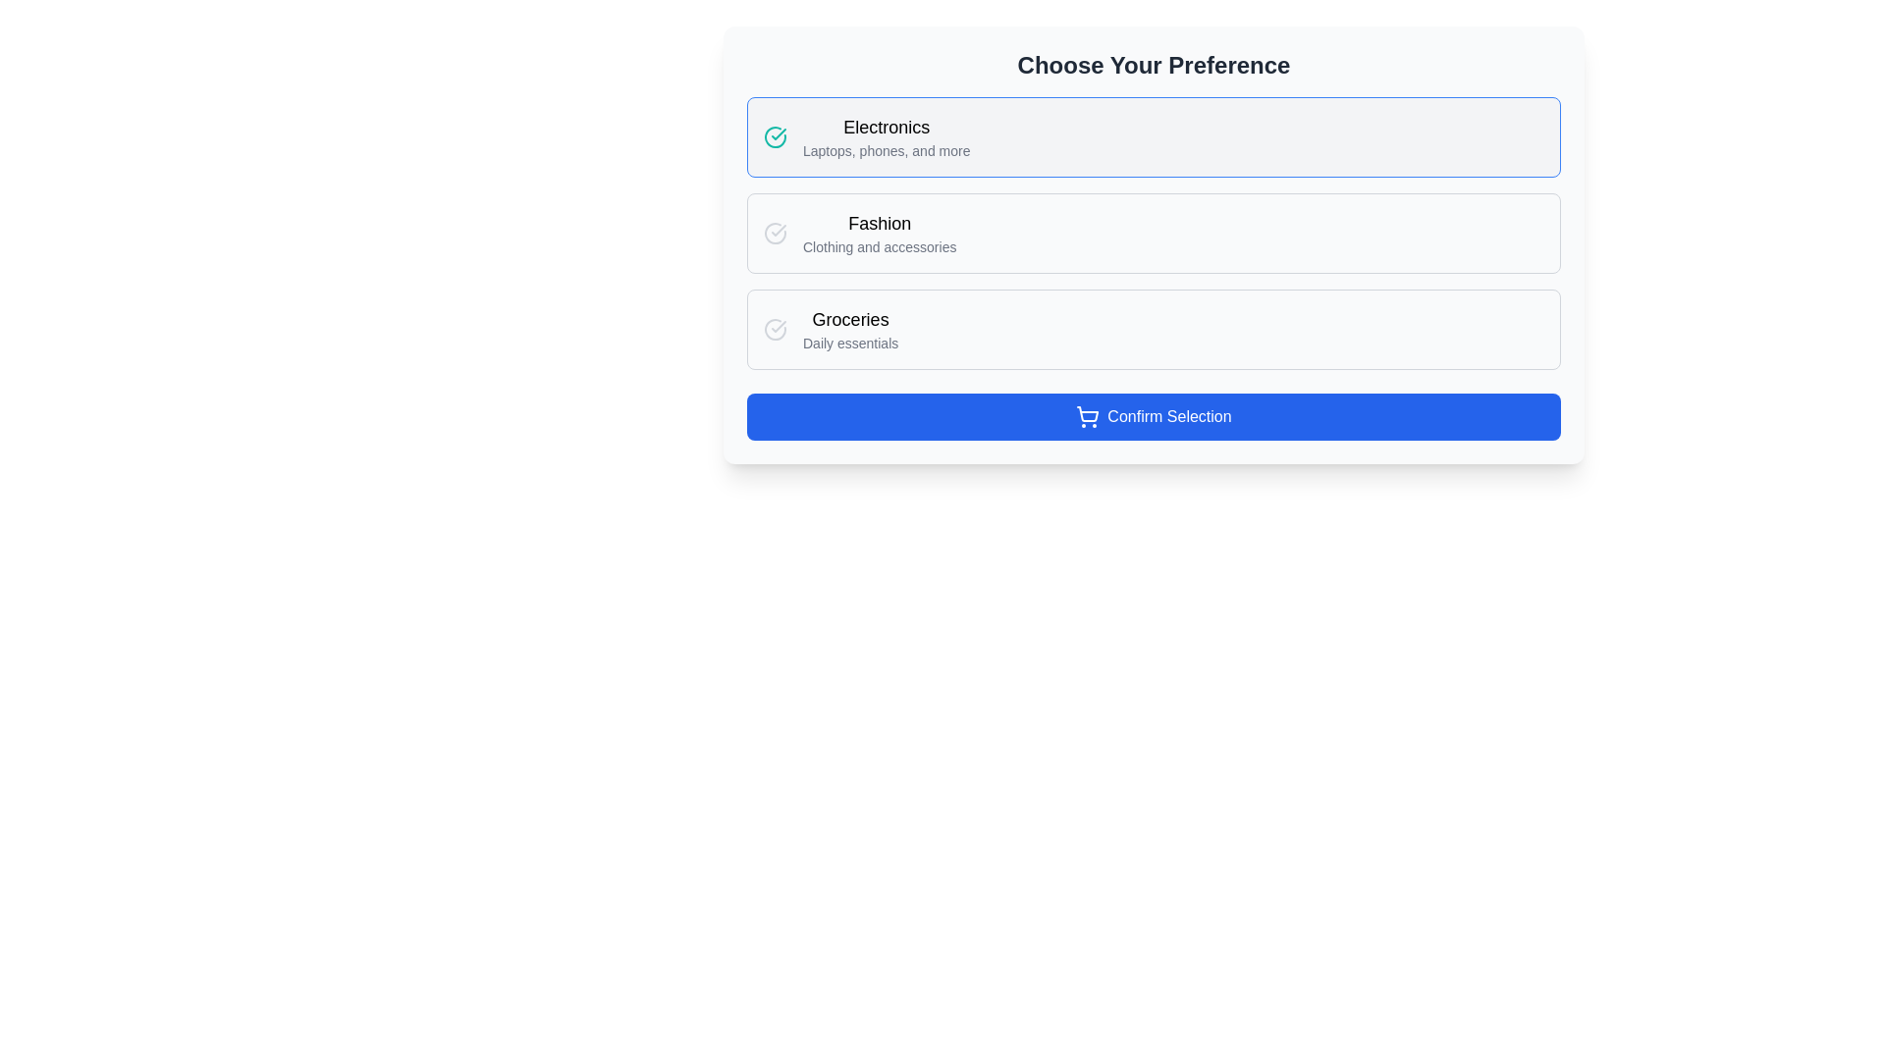  What do you see at coordinates (886, 135) in the screenshot?
I see `the Label with descriptive text element that contains 'Electronics' and is styled in a larger, bold font, located above the 'Fashion' option` at bounding box center [886, 135].